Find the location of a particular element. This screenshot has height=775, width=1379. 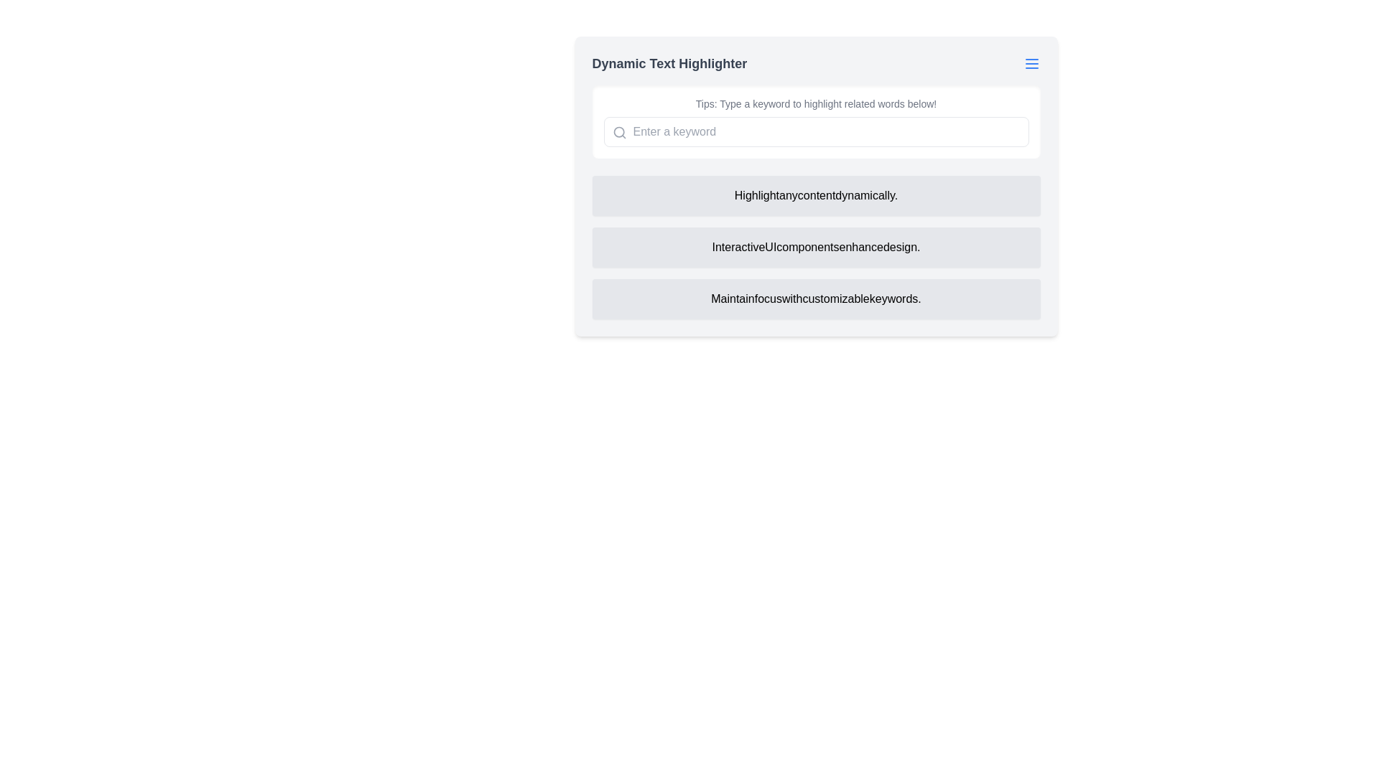

the static text component that is the third word in the sentence 'Interactive UI components enhance design.' is located at coordinates (807, 246).